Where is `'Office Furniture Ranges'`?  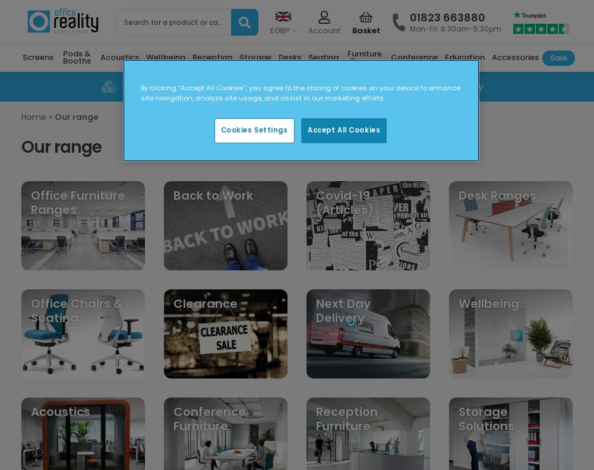
'Office Furniture Ranges' is located at coordinates (78, 201).